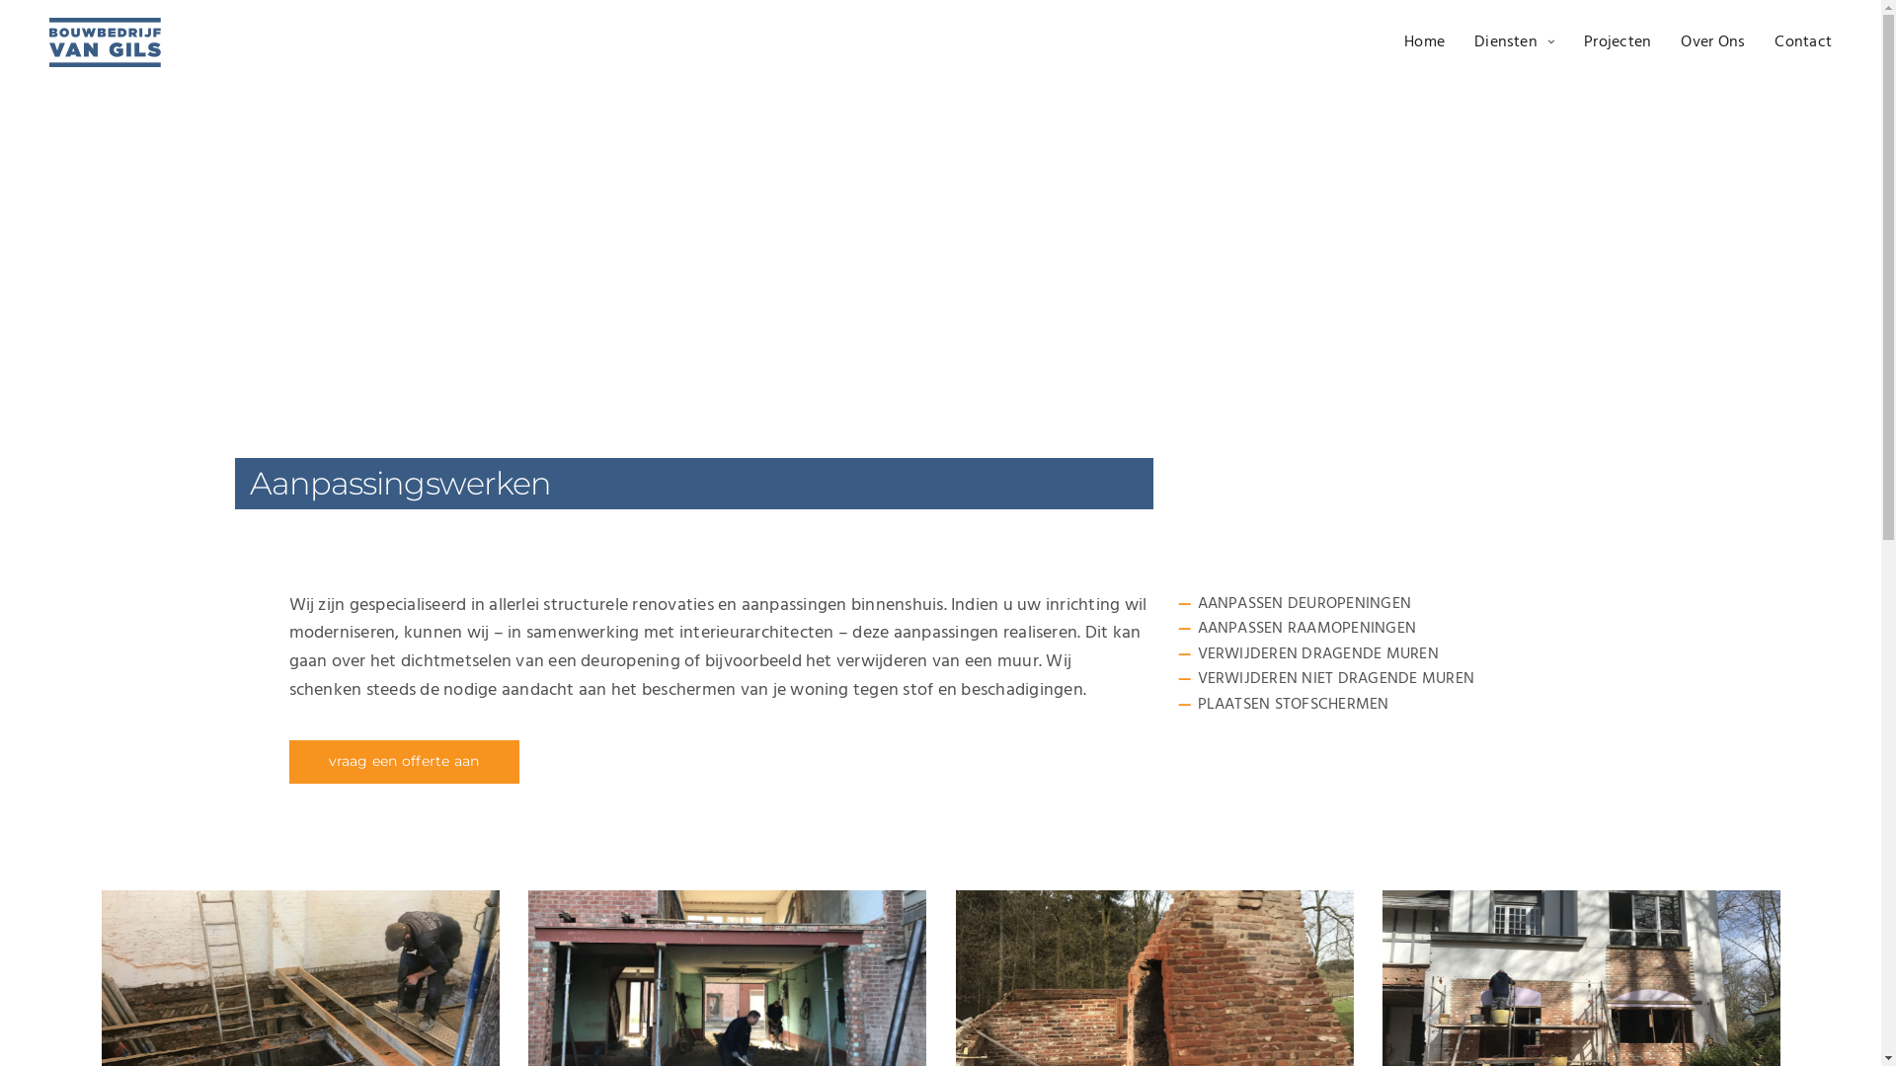 This screenshot has height=1066, width=1896. What do you see at coordinates (1680, 41) in the screenshot?
I see `'Over Ons'` at bounding box center [1680, 41].